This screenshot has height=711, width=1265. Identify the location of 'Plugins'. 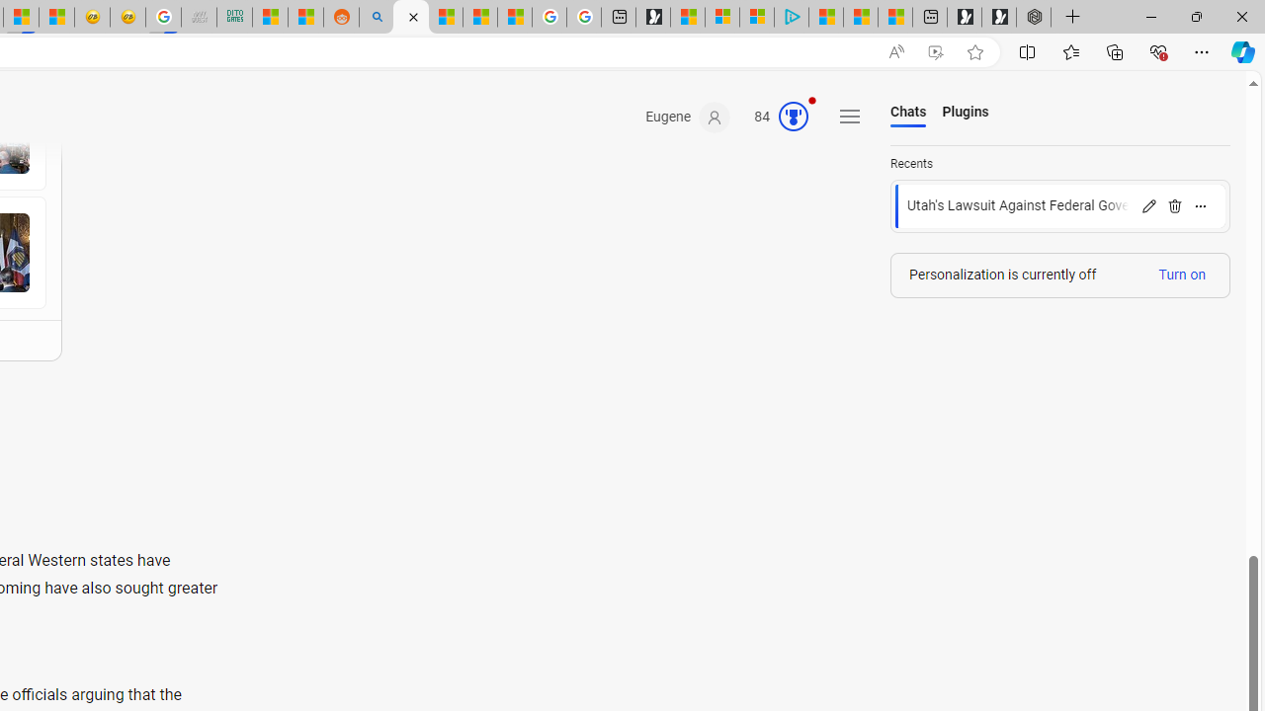
(966, 113).